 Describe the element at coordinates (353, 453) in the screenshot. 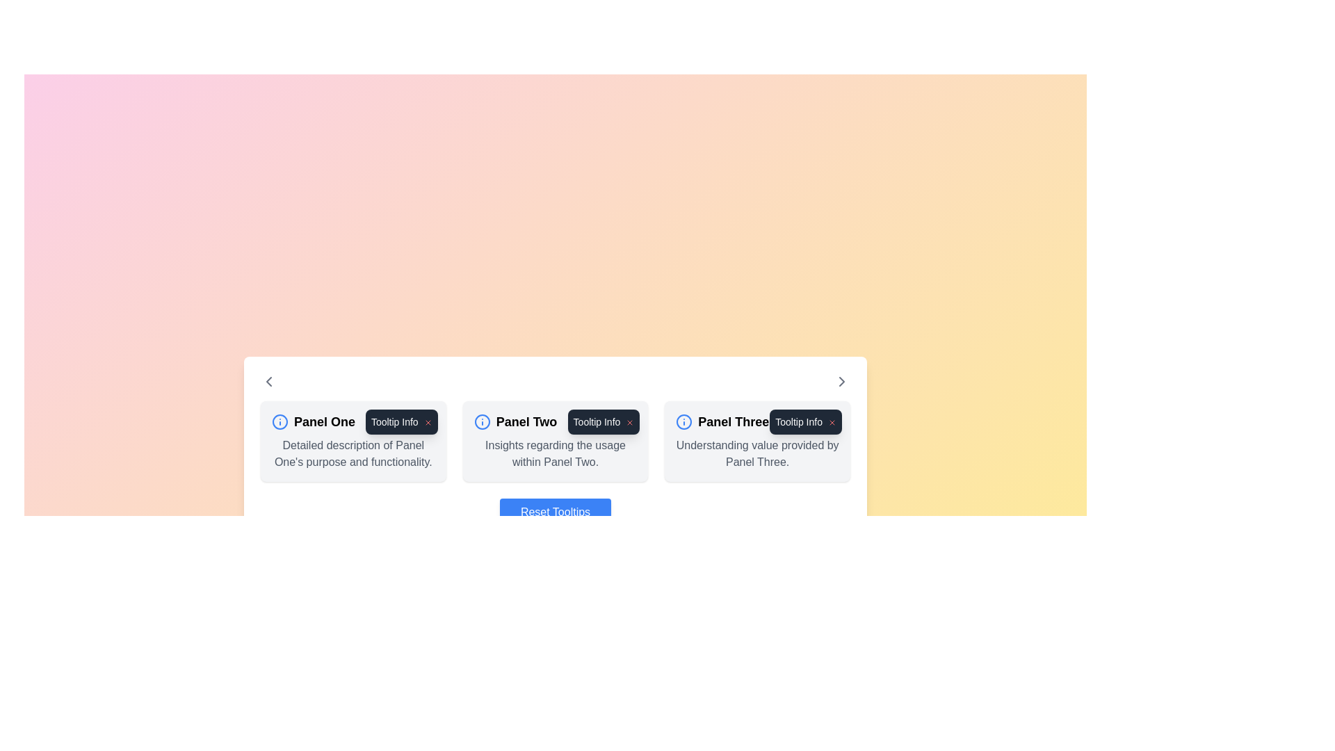

I see `the explanatory text block located directly below the title text of 'Panel One' in the leftmost card of three horizontally arranged cards` at that location.